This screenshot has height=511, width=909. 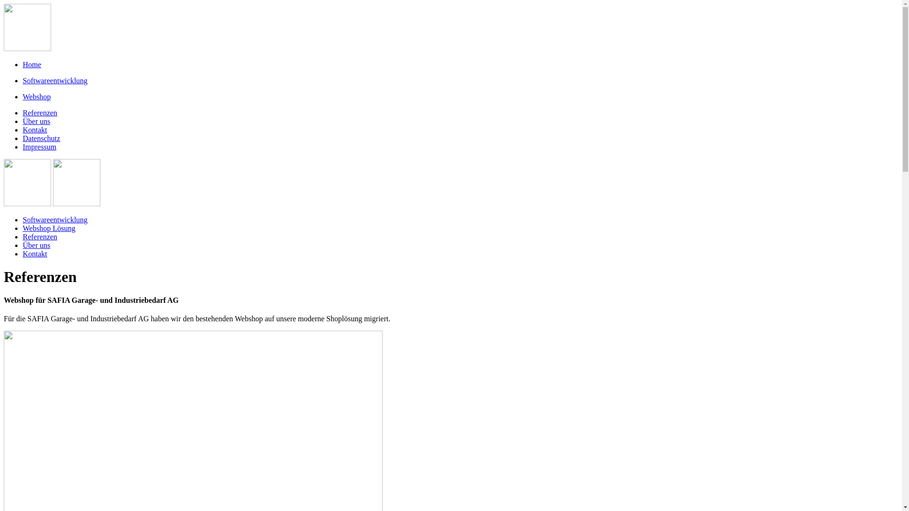 What do you see at coordinates (41, 138) in the screenshot?
I see `'Datenschutz'` at bounding box center [41, 138].